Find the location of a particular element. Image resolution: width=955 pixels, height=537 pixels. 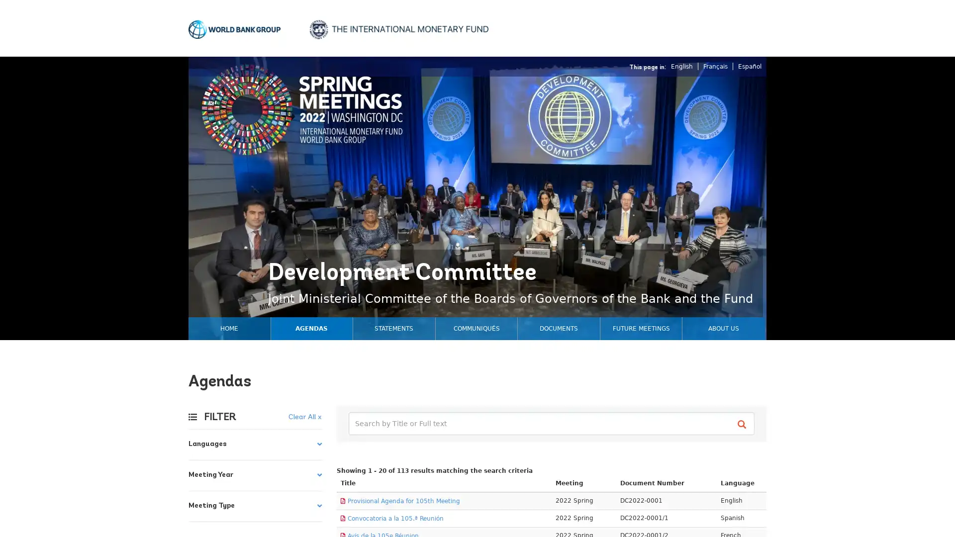

Languages is located at coordinates (255, 444).